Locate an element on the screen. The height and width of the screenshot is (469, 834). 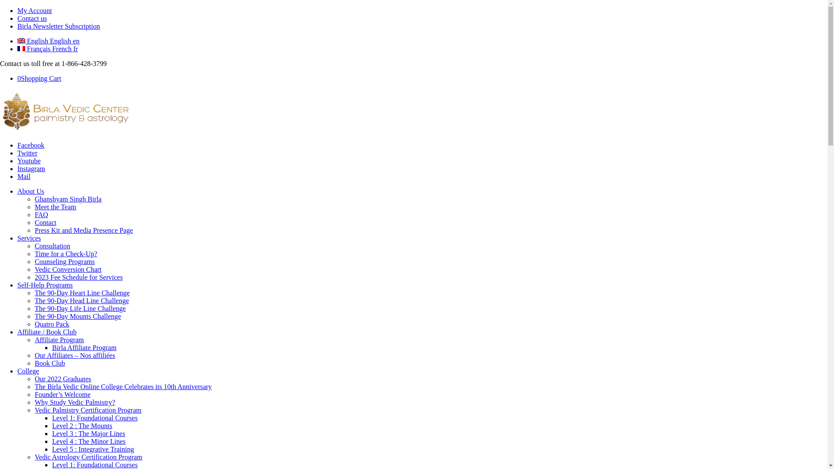
'Level 2 : The Mounts' is located at coordinates (82, 425).